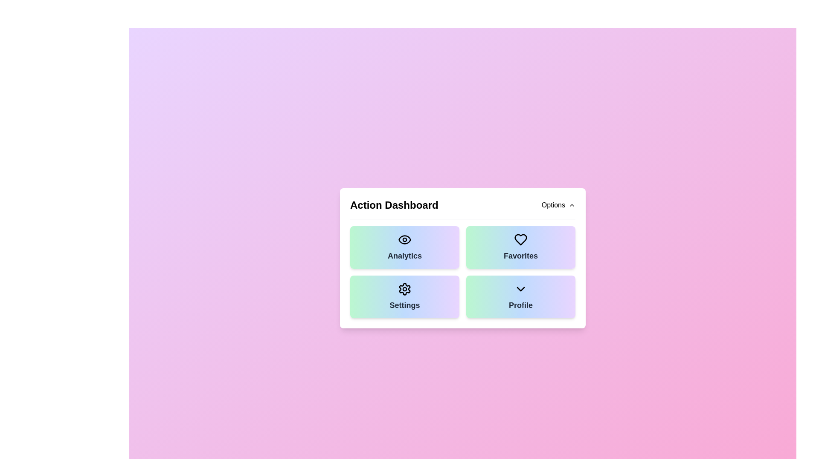 This screenshot has height=460, width=819. I want to click on heading static text located within the horizontally aligned bar, positioned to the left of the 'Options' section and its dropdown indicator, so click(394, 205).